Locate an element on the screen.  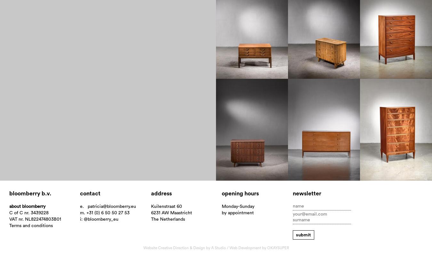
'About Bloomberry' is located at coordinates (27, 206).